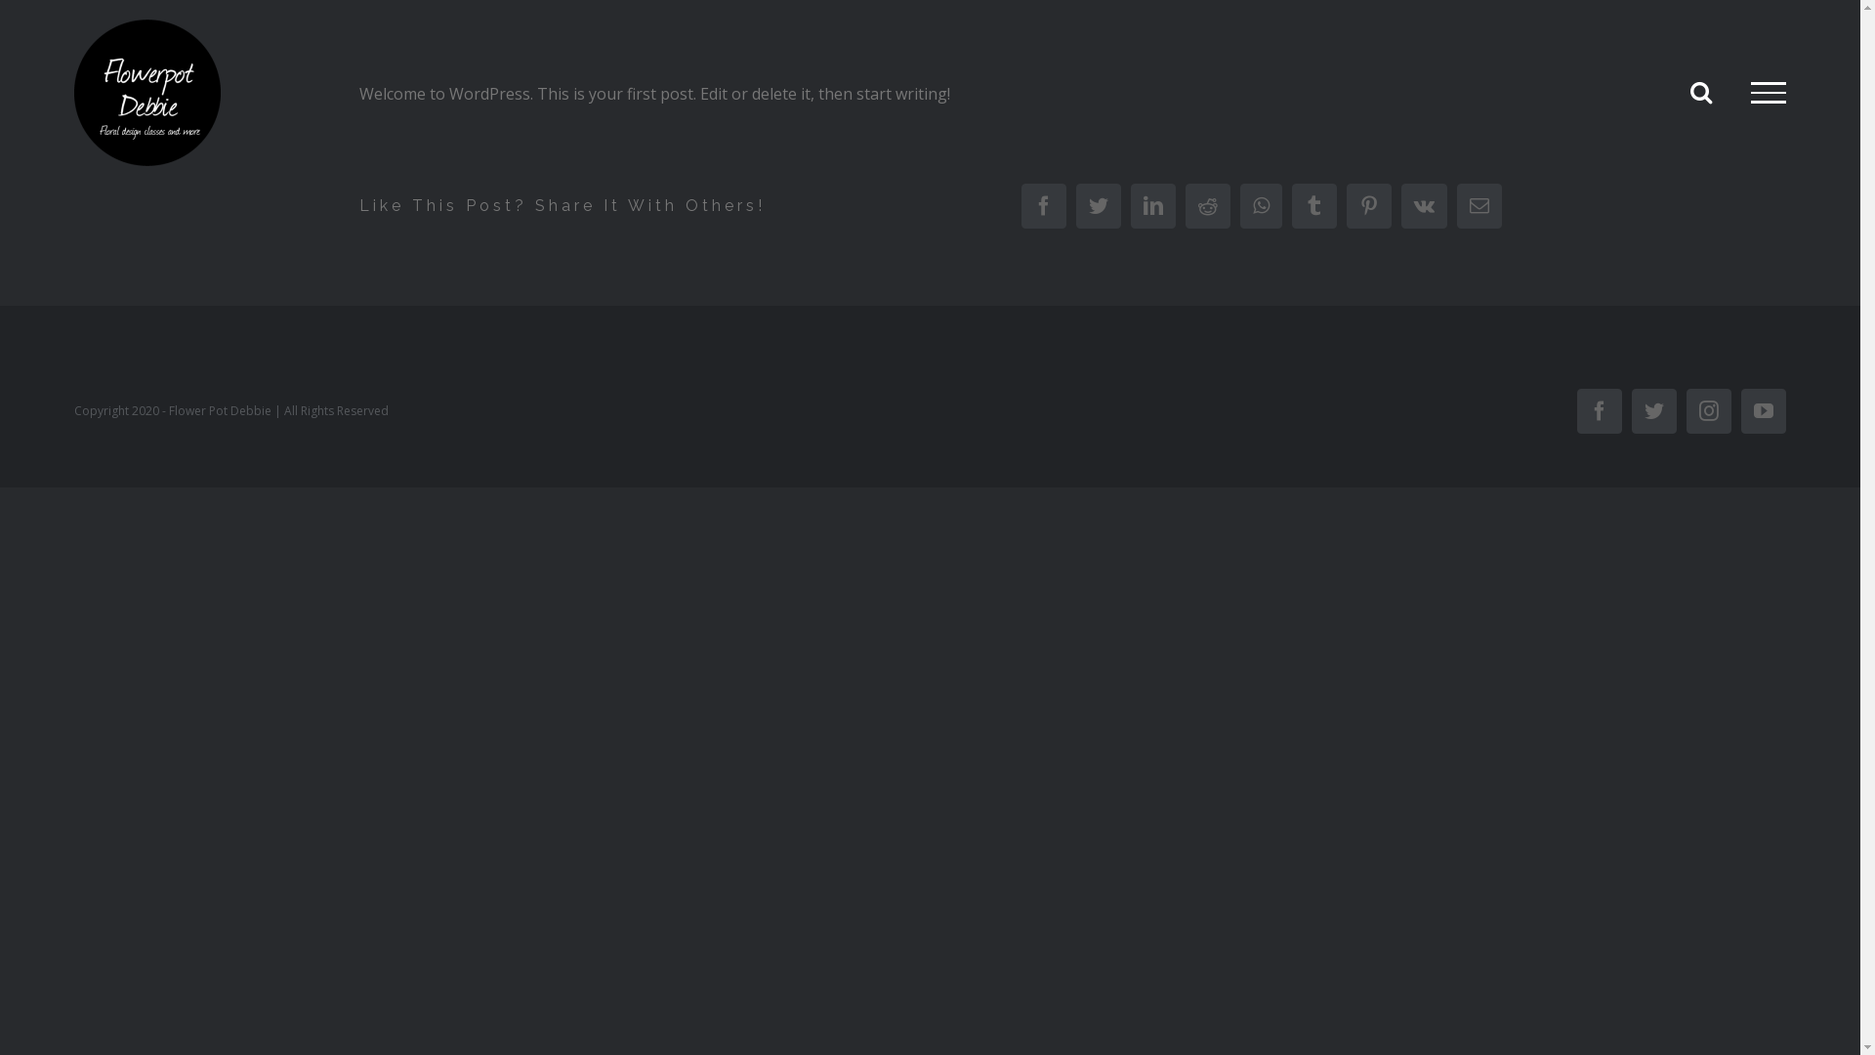 The height and width of the screenshot is (1055, 1875). What do you see at coordinates (1763, 409) in the screenshot?
I see `'youtube'` at bounding box center [1763, 409].